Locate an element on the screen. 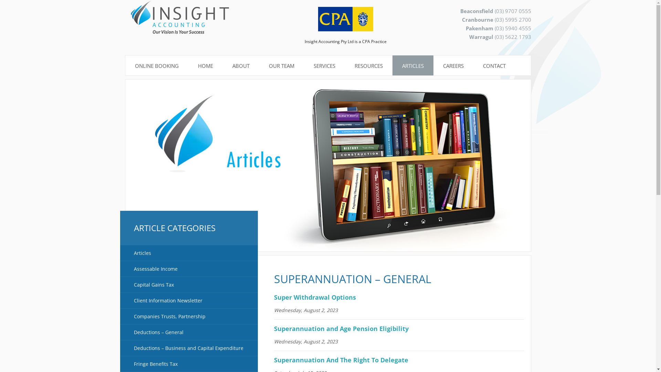 This screenshot has height=372, width=661. 'CAREERS' is located at coordinates (432, 66).